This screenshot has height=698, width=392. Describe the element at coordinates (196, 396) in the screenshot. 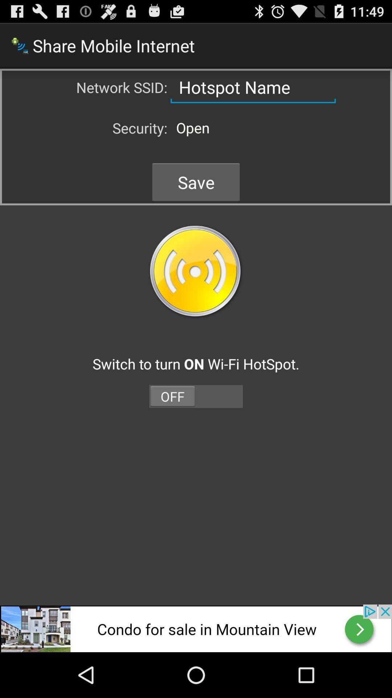

I see `off button` at that location.